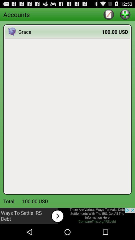  Describe the element at coordinates (125, 15) in the screenshot. I see `the add icon` at that location.